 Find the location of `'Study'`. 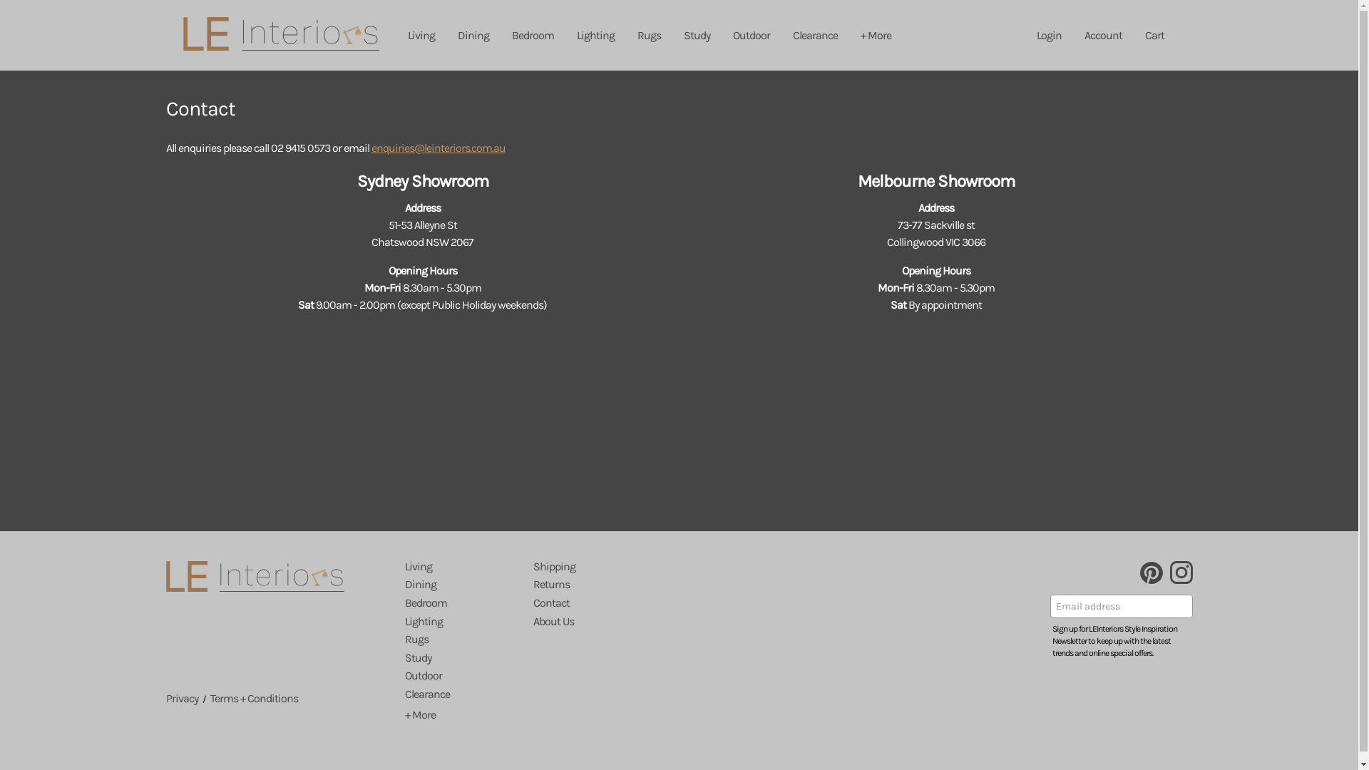

'Study' is located at coordinates (696, 34).